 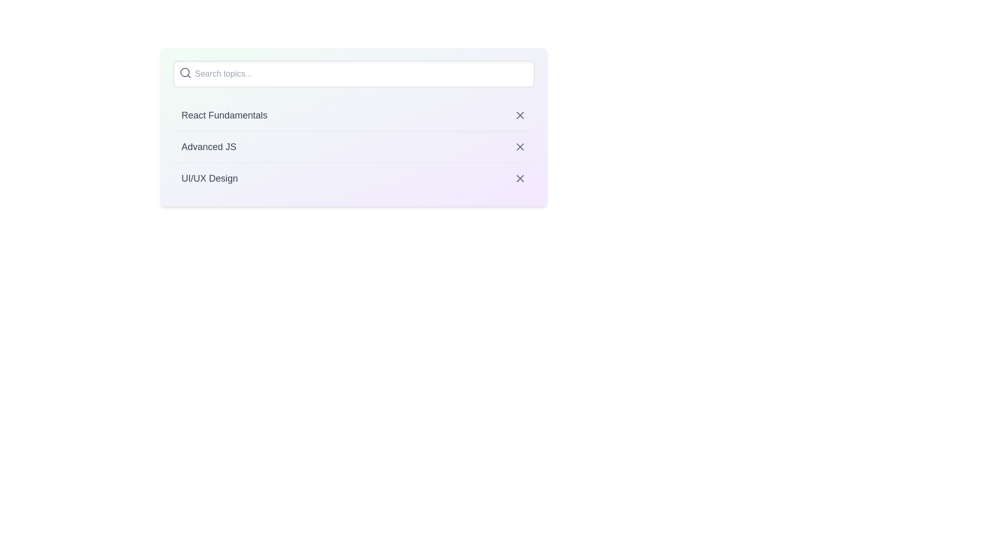 What do you see at coordinates (520, 147) in the screenshot?
I see `close button of the item titled Advanced JS to deselect it` at bounding box center [520, 147].